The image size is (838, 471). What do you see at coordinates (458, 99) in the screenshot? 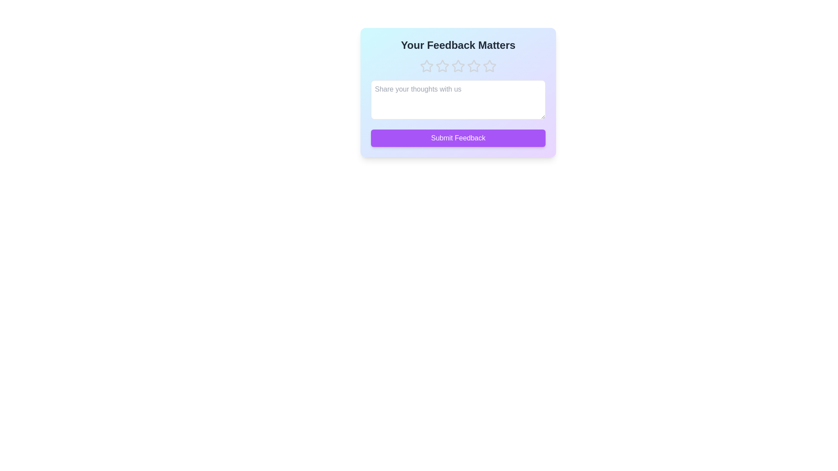
I see `the text input field to start typing` at bounding box center [458, 99].